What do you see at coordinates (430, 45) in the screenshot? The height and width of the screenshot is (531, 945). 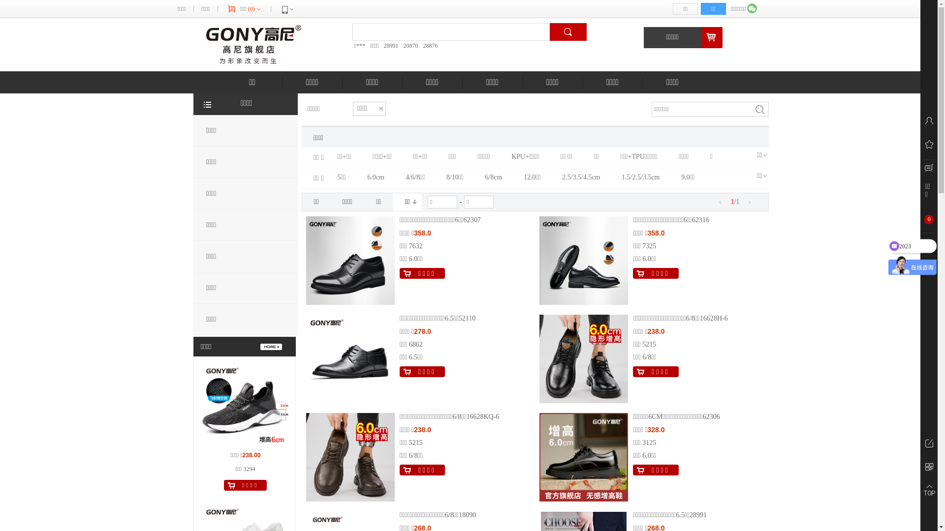 I see `'28876'` at bounding box center [430, 45].